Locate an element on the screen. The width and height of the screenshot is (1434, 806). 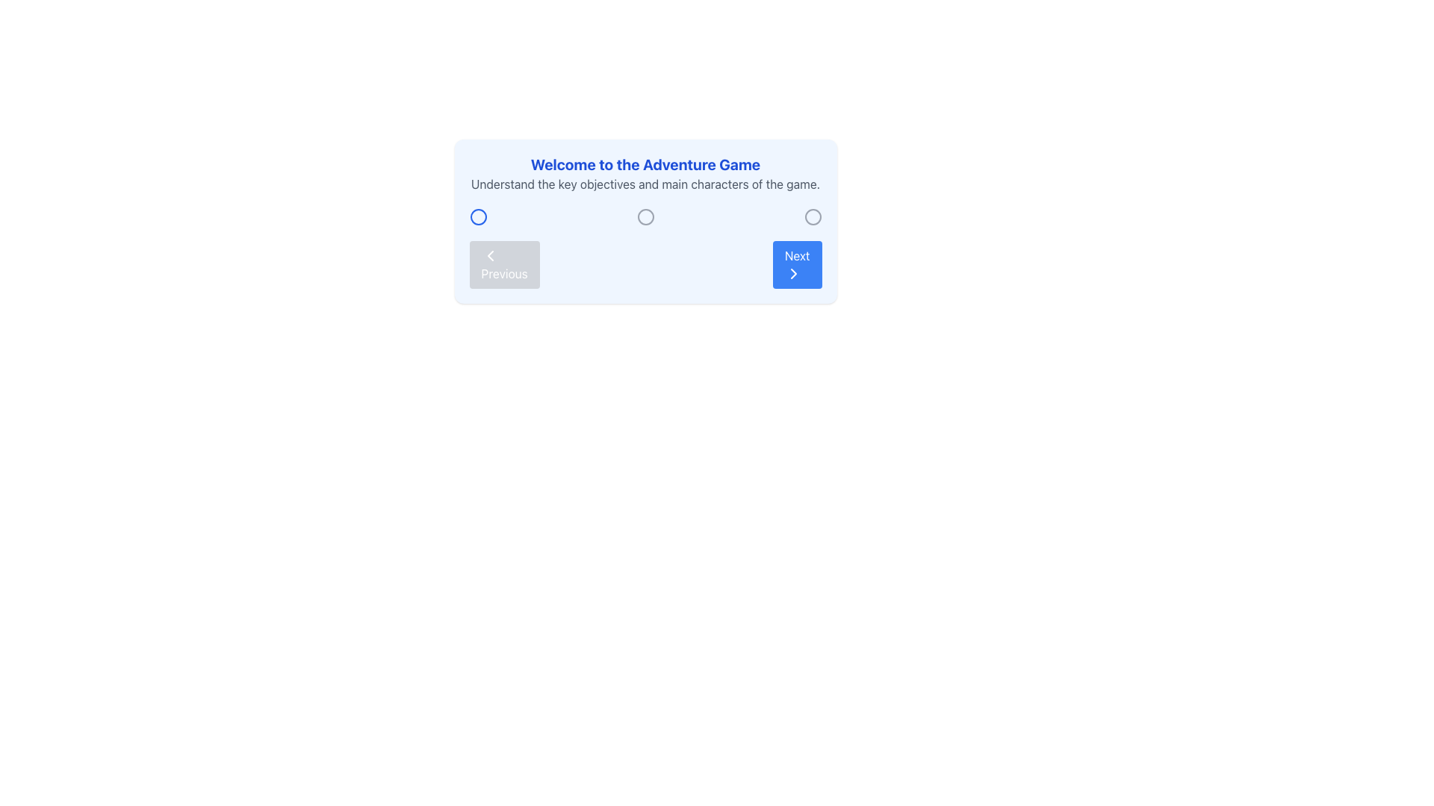
the central radio button is located at coordinates (645, 216).